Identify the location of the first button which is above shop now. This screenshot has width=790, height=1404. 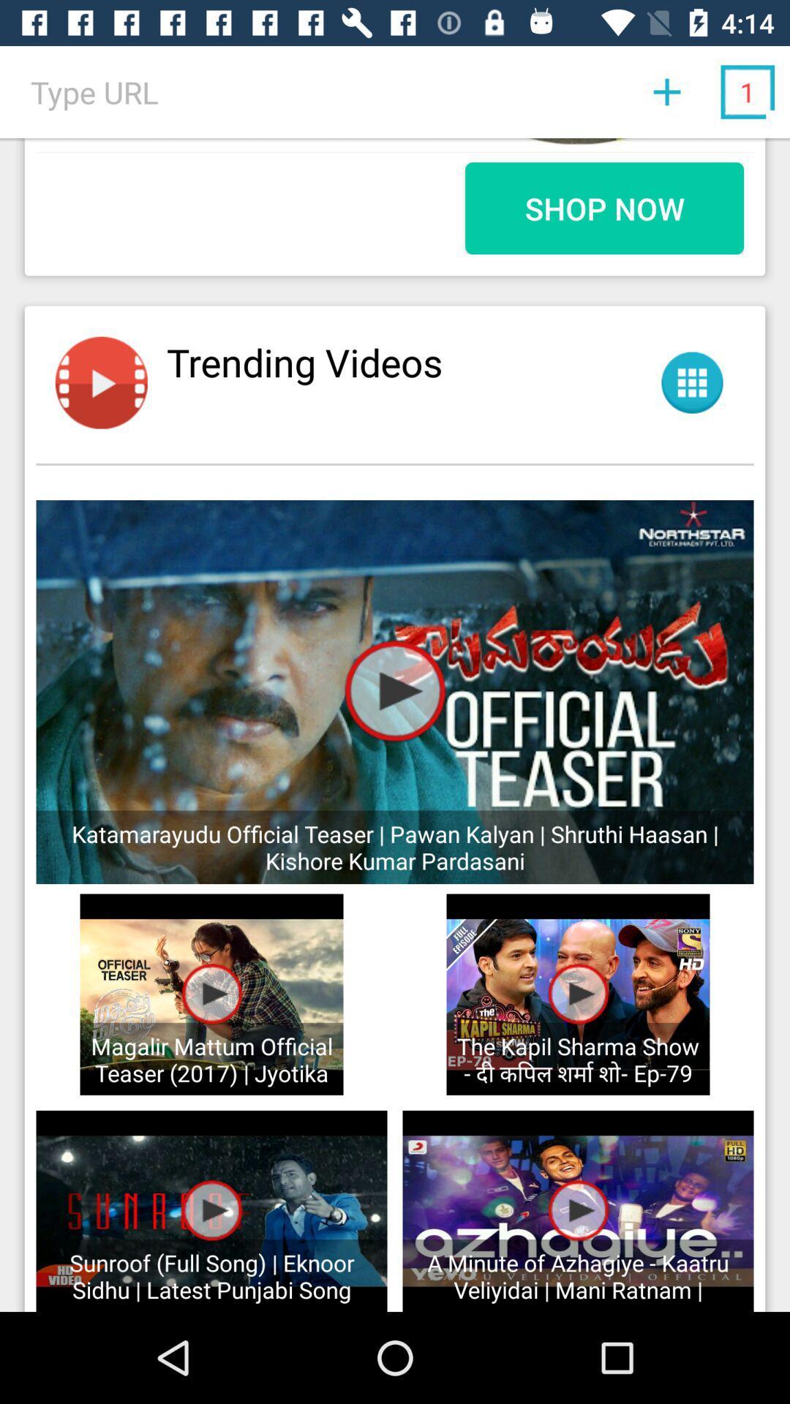
(667, 91).